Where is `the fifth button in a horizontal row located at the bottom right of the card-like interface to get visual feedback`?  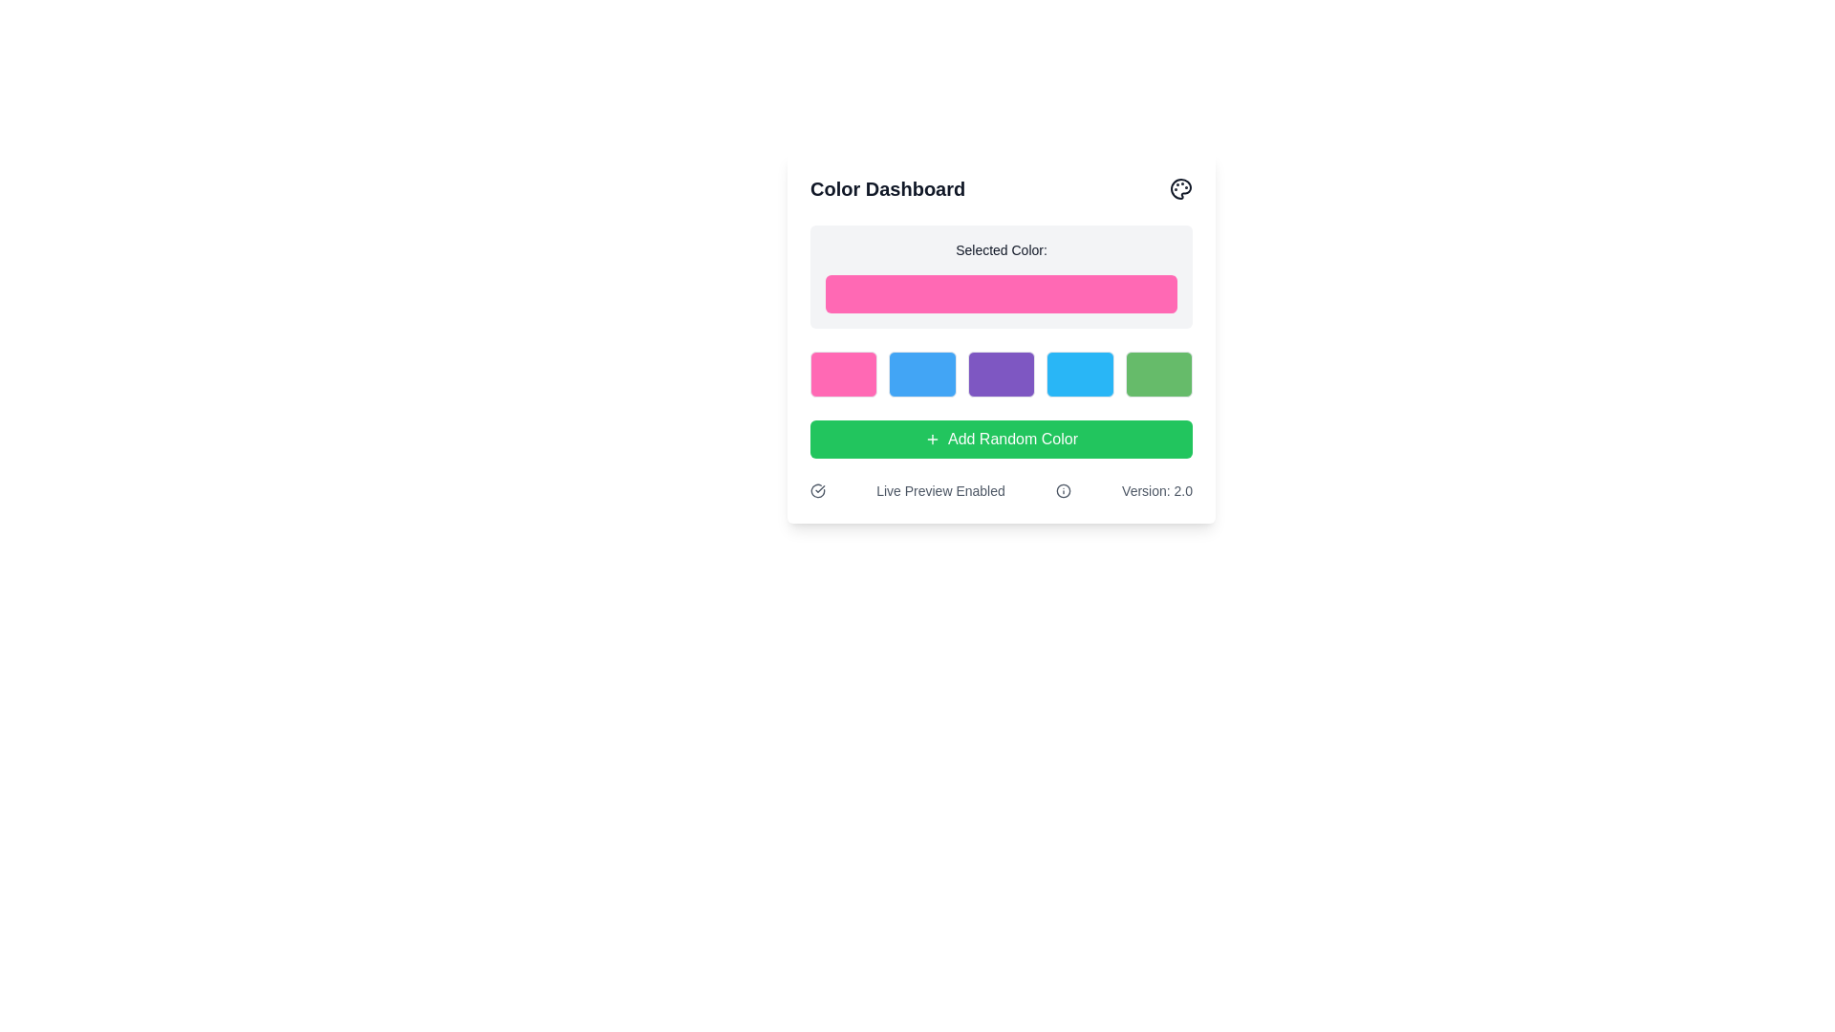
the fifth button in a horizontal row located at the bottom right of the card-like interface to get visual feedback is located at coordinates (1157, 375).